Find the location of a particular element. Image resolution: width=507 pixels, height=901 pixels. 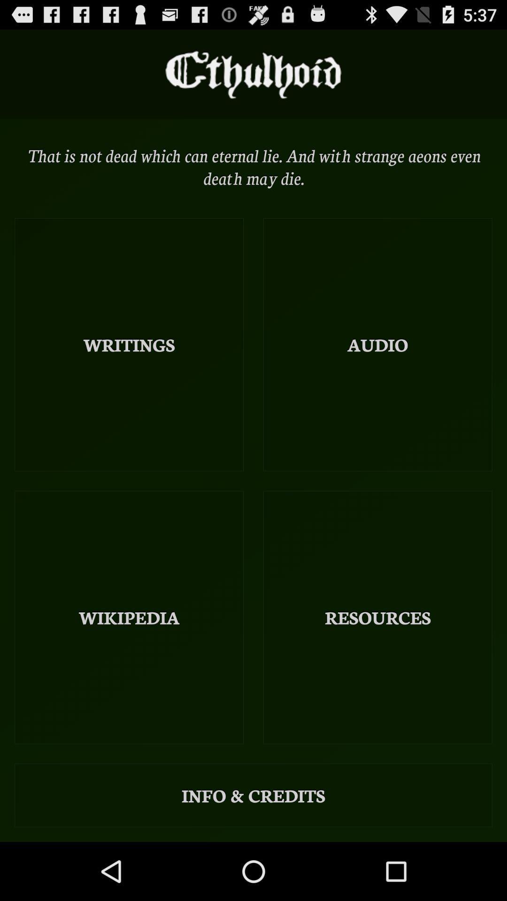

the icon above the resources is located at coordinates (377, 344).